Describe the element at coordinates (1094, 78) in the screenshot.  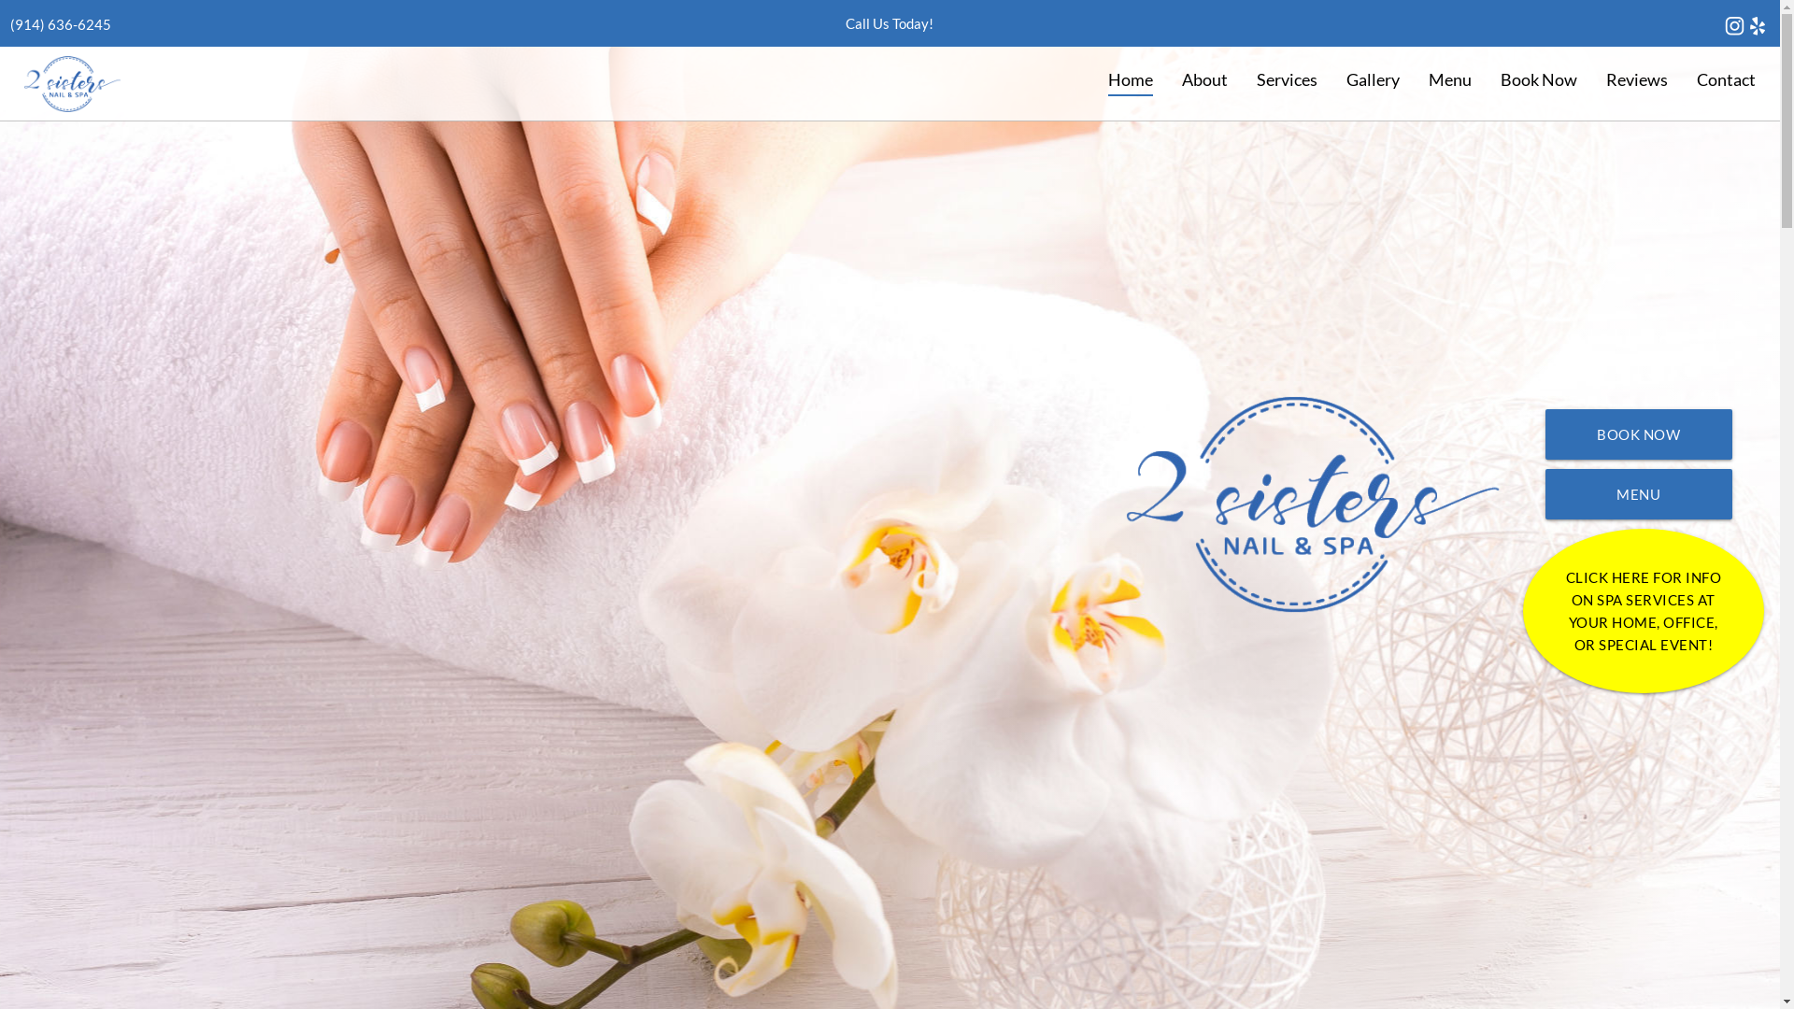
I see `'Home'` at that location.